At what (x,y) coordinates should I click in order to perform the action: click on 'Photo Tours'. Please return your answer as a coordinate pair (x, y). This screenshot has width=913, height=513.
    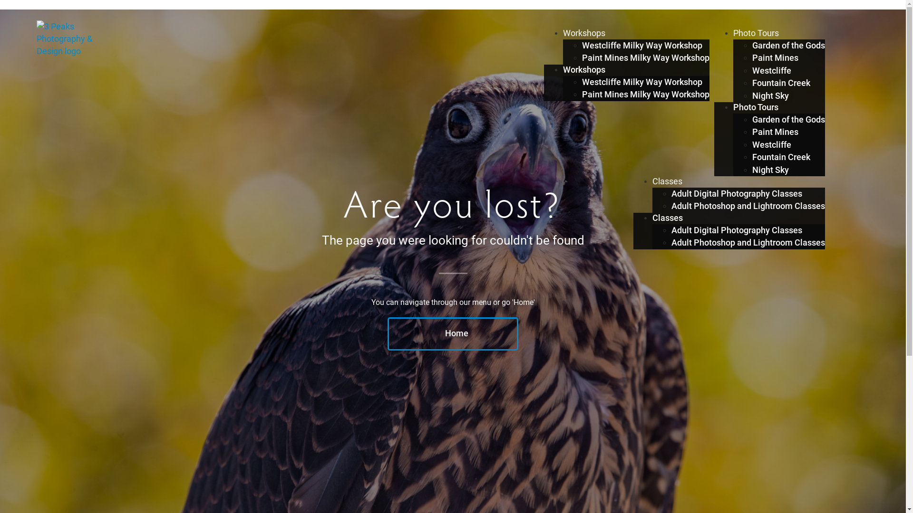
    Looking at the image, I should click on (732, 32).